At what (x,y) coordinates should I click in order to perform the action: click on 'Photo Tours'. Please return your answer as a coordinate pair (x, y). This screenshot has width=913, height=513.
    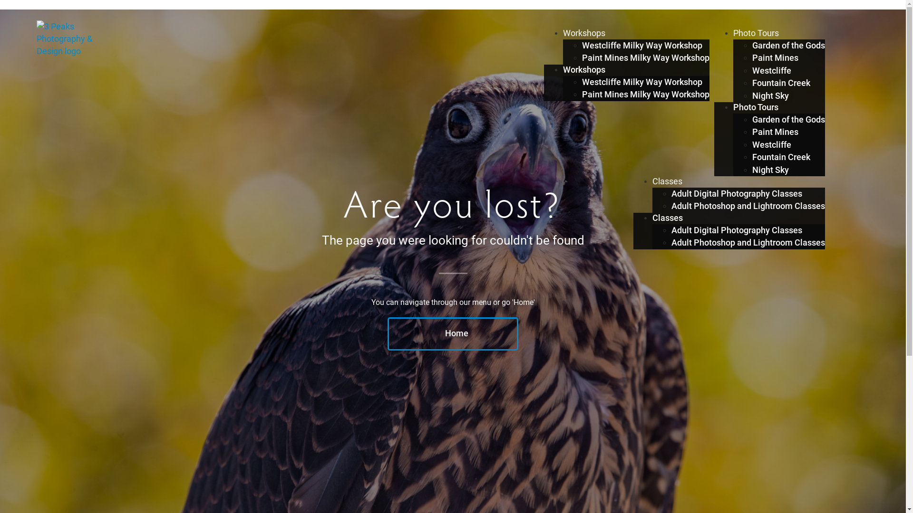
    Looking at the image, I should click on (732, 32).